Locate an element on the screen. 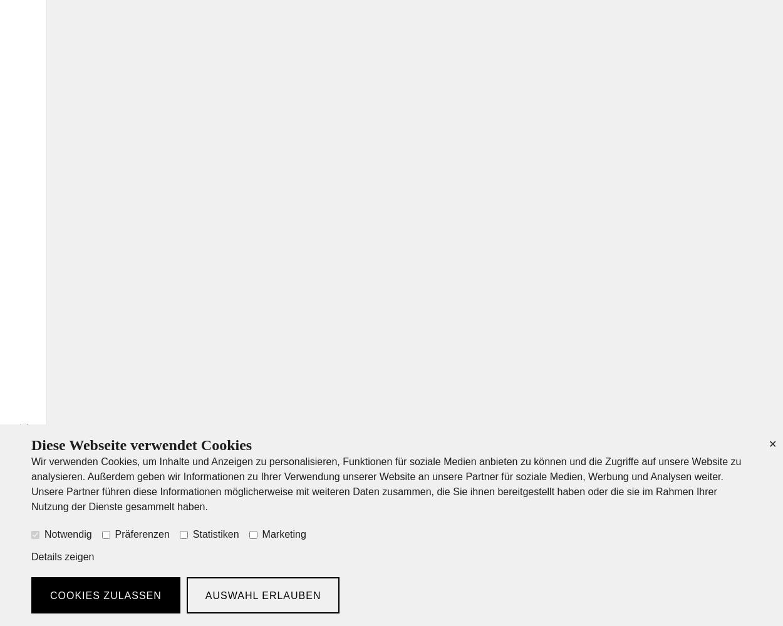  'Details zeigen' is located at coordinates (62, 557).